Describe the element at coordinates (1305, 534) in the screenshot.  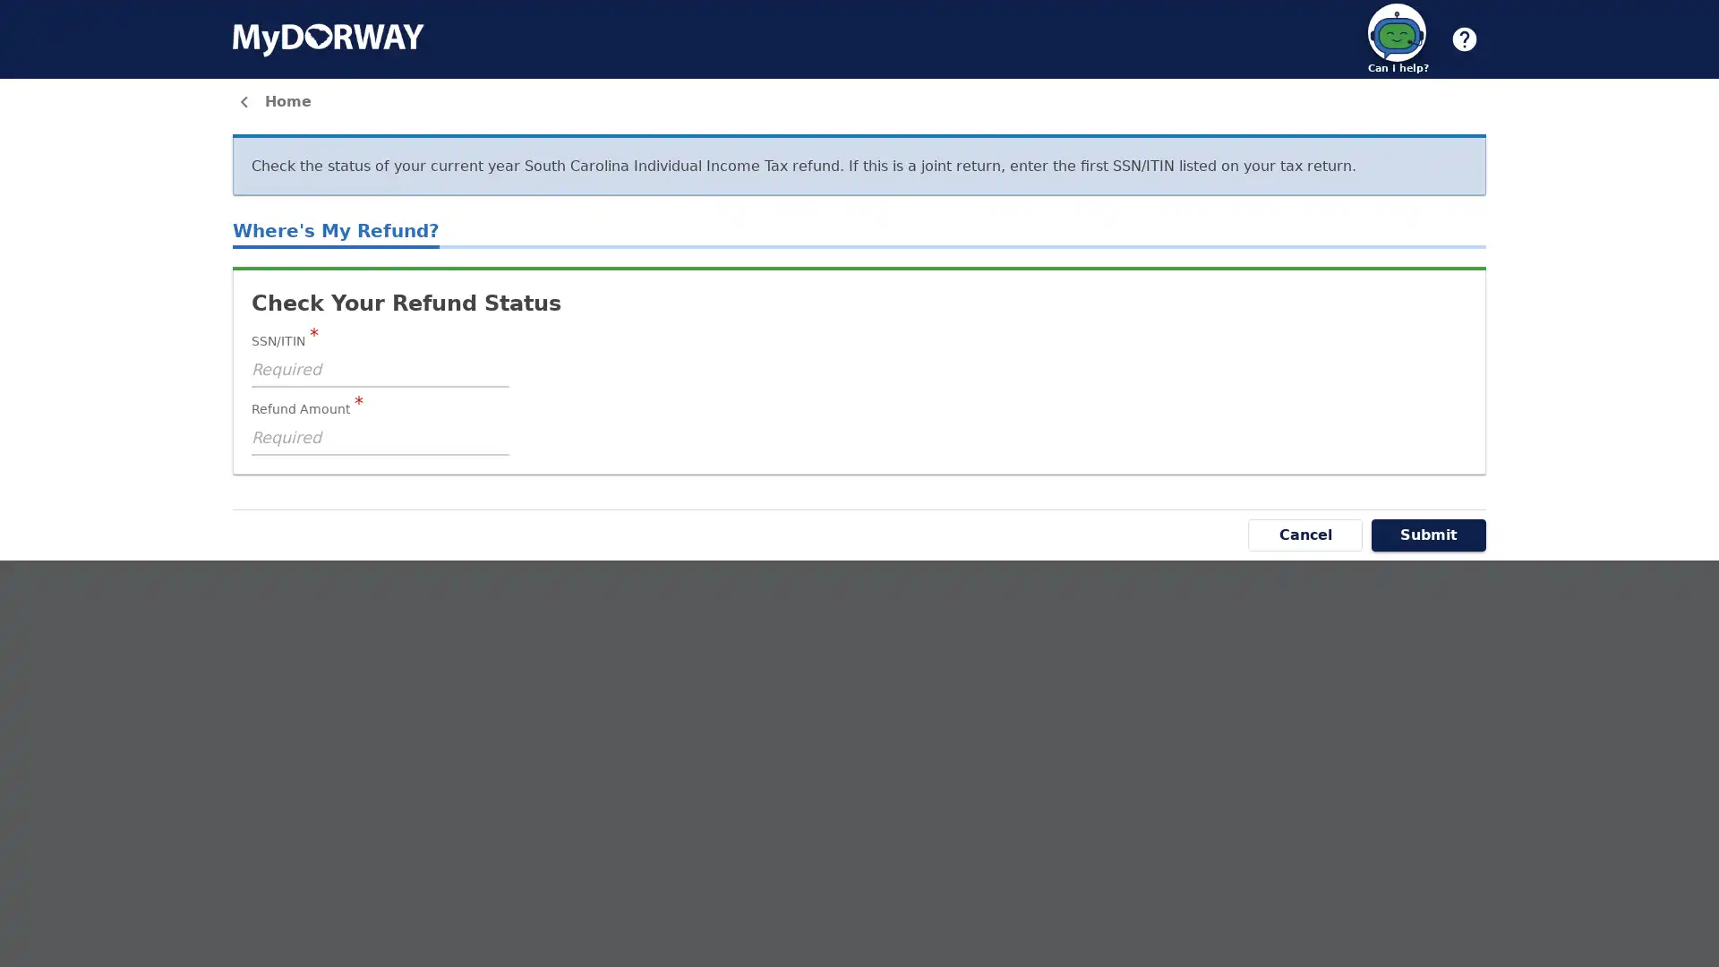
I see `Cancel` at that location.